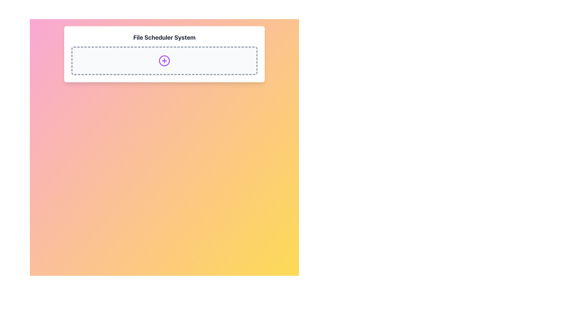 The height and width of the screenshot is (322, 573). I want to click on the interactive button located at the center of the dashed rectangular box below the title 'File Scheduler System', so click(164, 61).